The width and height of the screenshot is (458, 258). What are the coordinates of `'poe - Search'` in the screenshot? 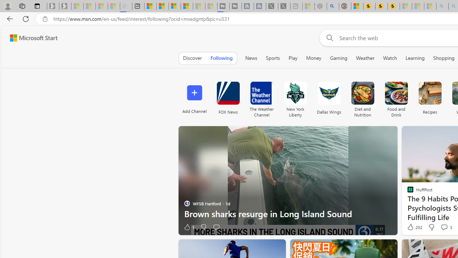 It's located at (332, 6).